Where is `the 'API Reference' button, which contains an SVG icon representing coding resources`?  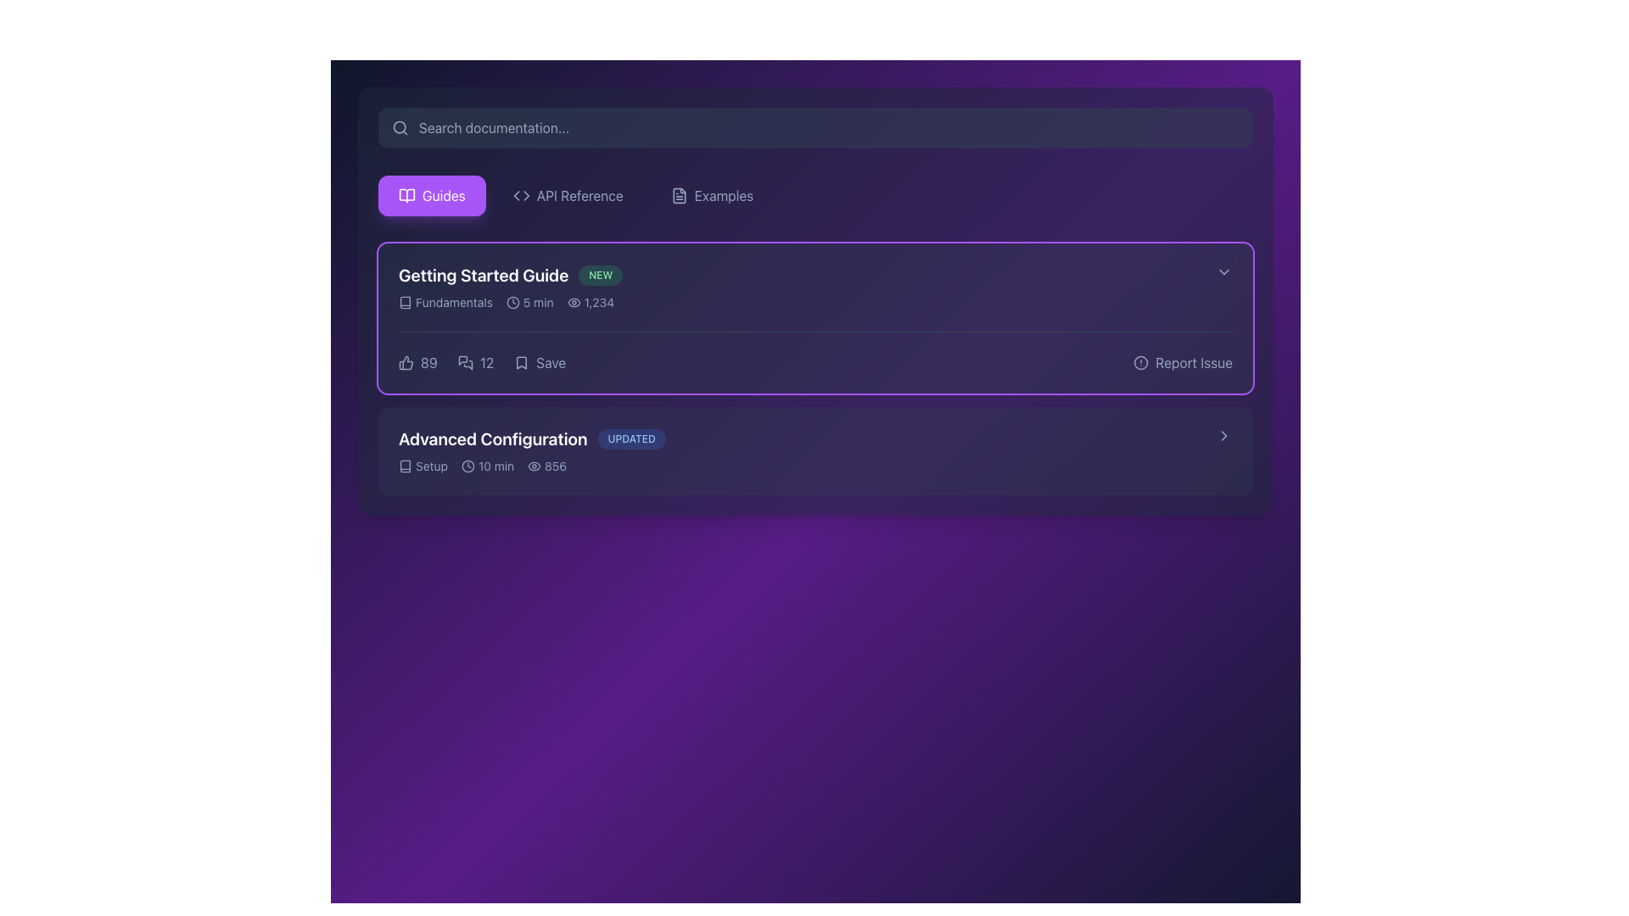 the 'API Reference' button, which contains an SVG icon representing coding resources is located at coordinates (520, 195).